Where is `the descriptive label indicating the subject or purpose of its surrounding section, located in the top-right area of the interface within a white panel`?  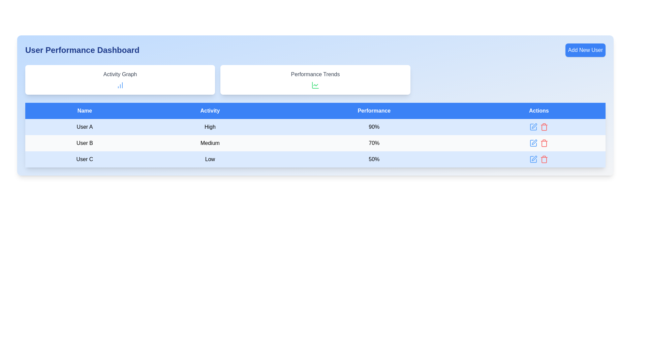
the descriptive label indicating the subject or purpose of its surrounding section, located in the top-right area of the interface within a white panel is located at coordinates (315, 74).